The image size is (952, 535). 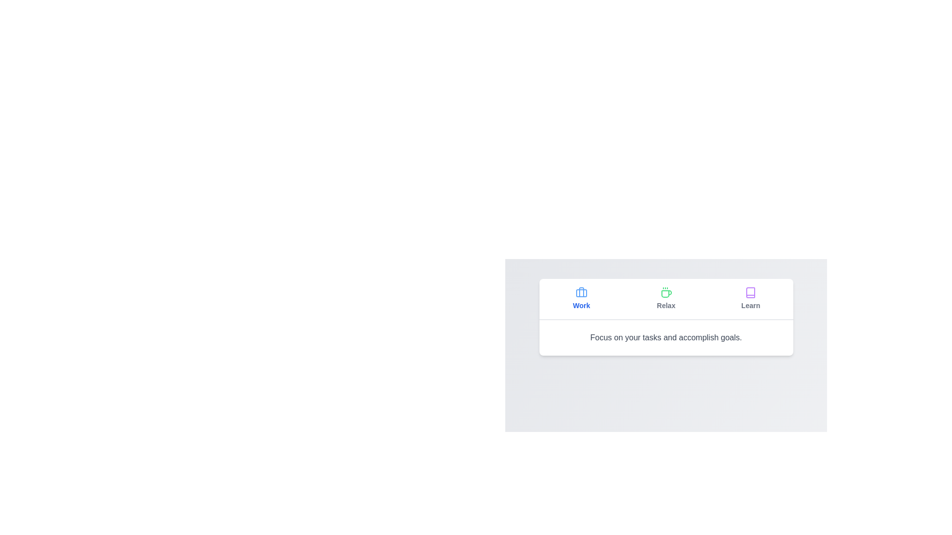 I want to click on the tab labeled Relax to observe its hover effect, so click(x=666, y=299).